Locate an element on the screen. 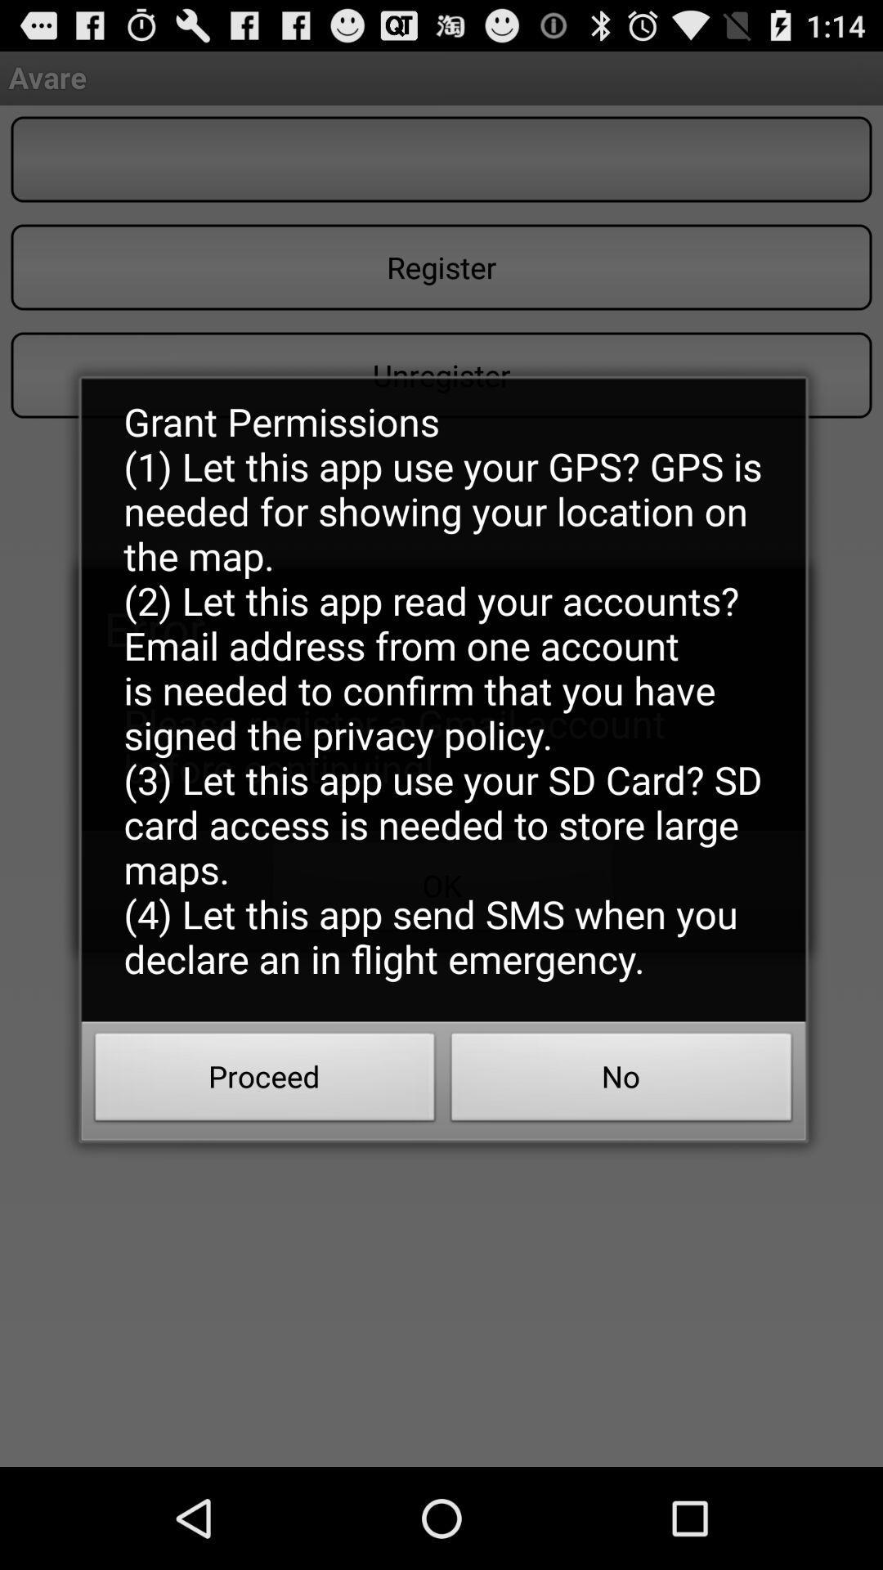 The height and width of the screenshot is (1570, 883). the item next to the no icon is located at coordinates (264, 1082).